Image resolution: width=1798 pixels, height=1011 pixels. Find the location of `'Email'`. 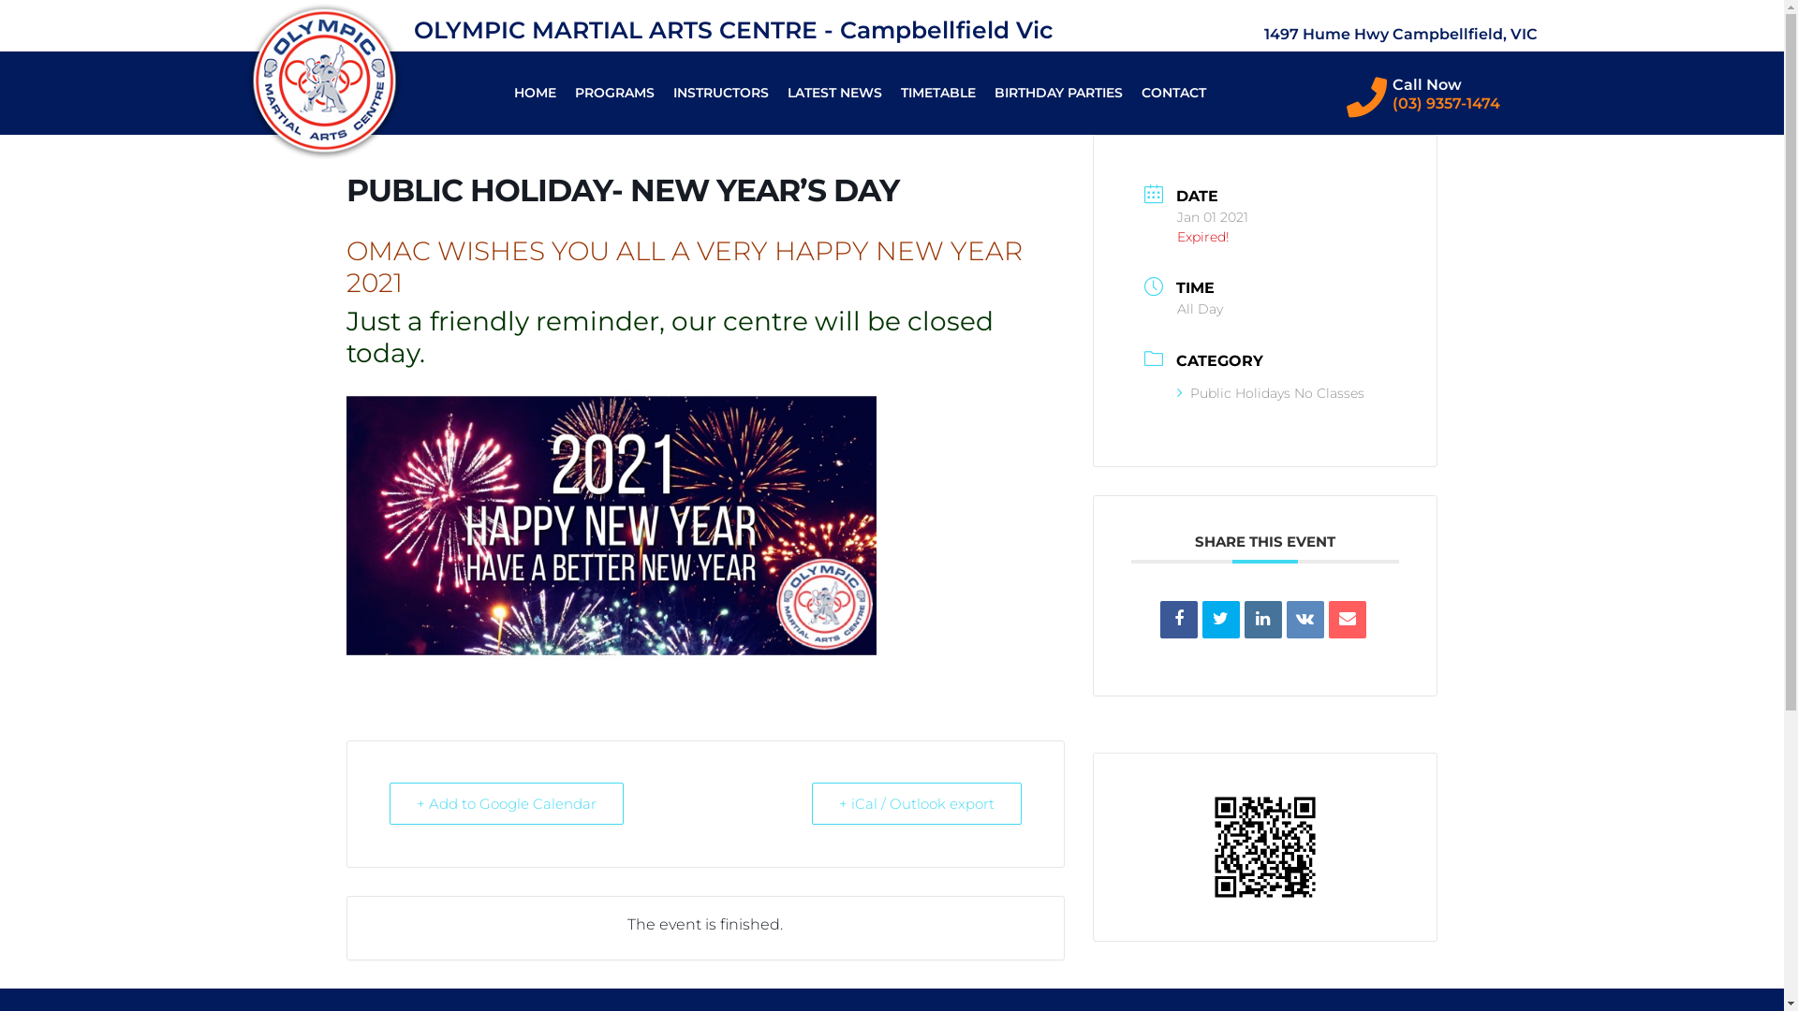

'Email' is located at coordinates (1328, 620).